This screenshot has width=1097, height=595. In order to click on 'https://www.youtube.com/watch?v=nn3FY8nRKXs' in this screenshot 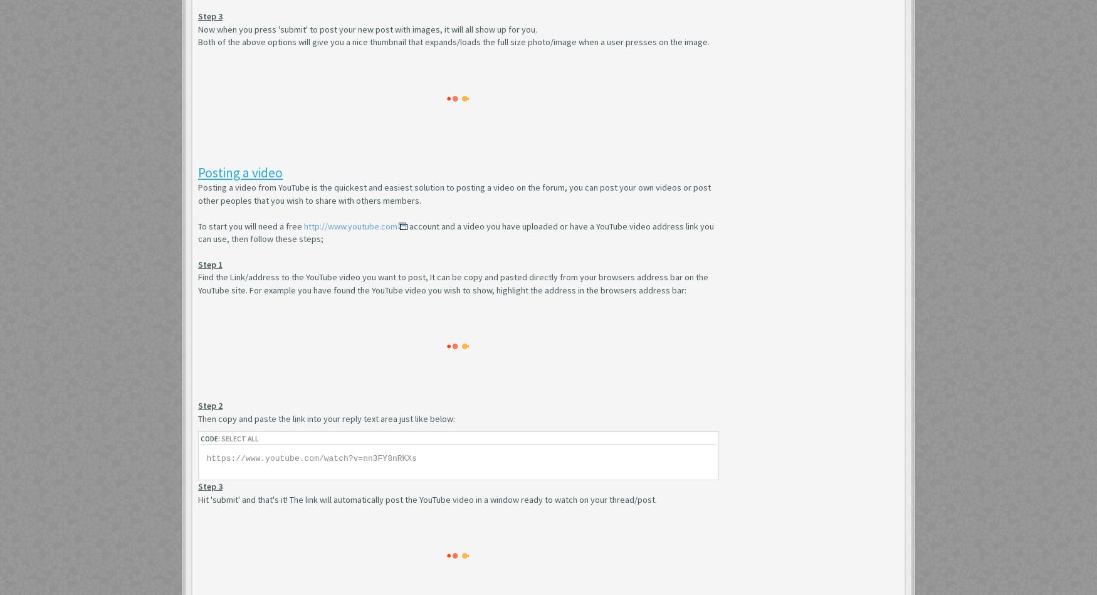, I will do `click(311, 458)`.